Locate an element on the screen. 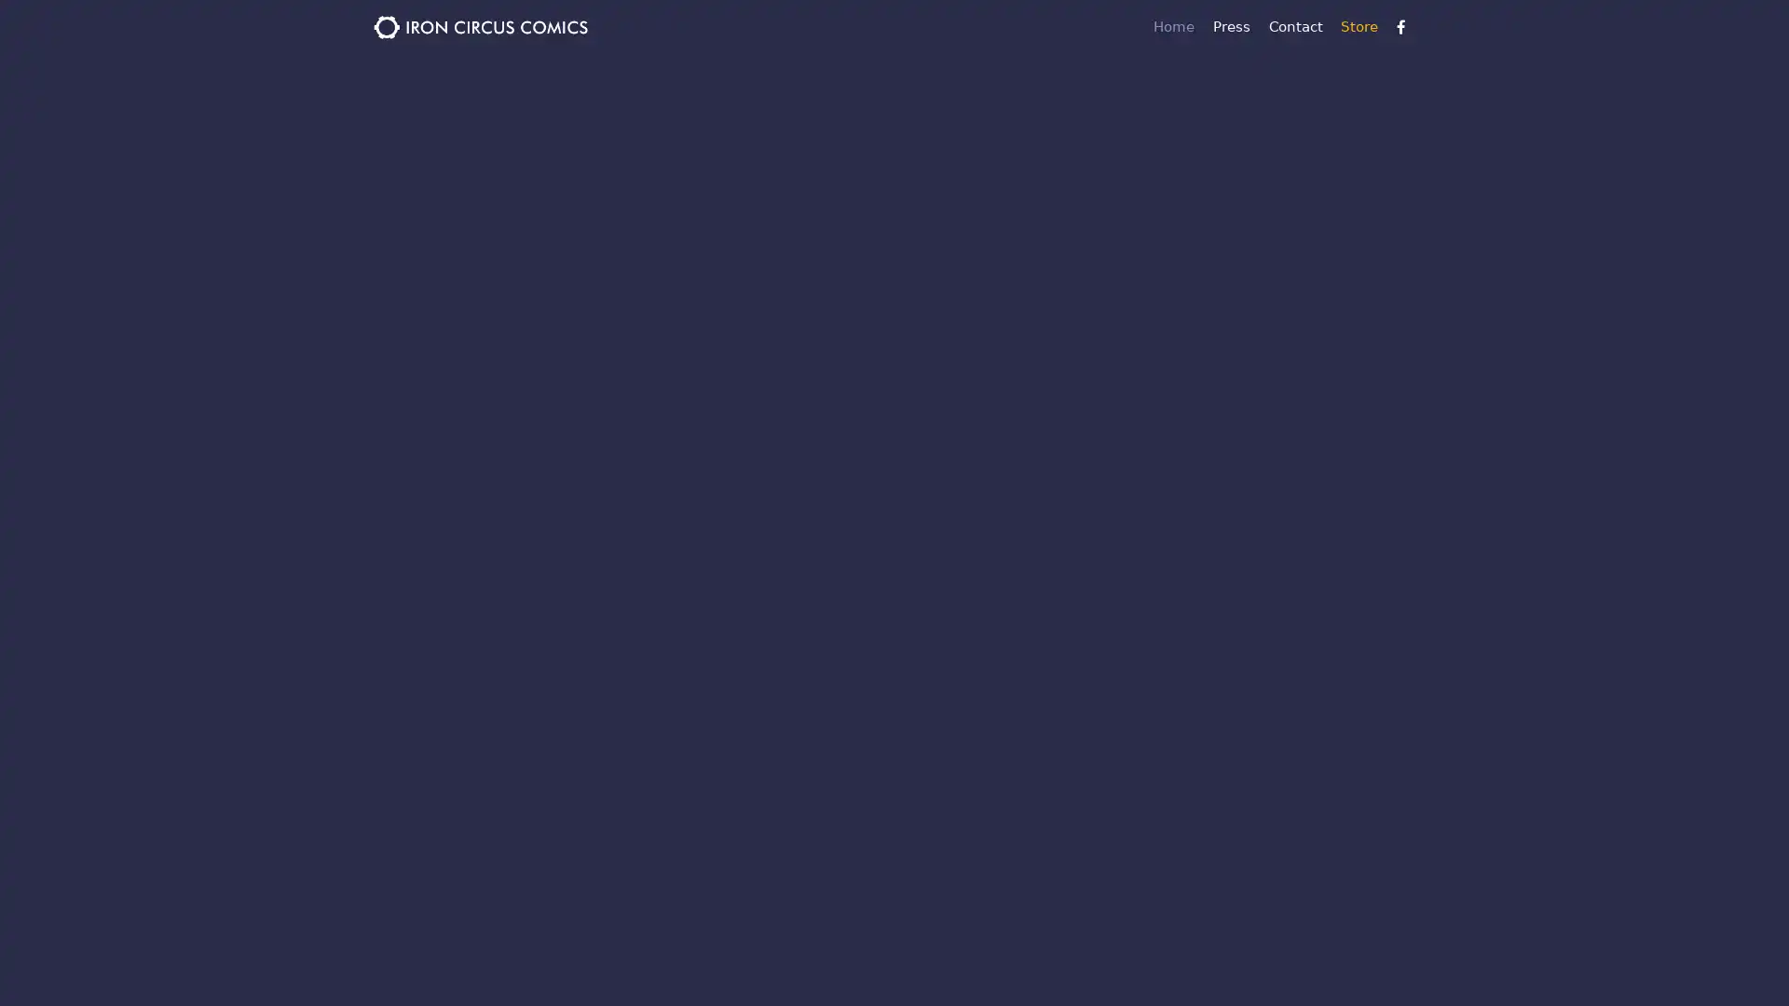 This screenshot has height=1006, width=1789. Sign up! is located at coordinates (587, 605).